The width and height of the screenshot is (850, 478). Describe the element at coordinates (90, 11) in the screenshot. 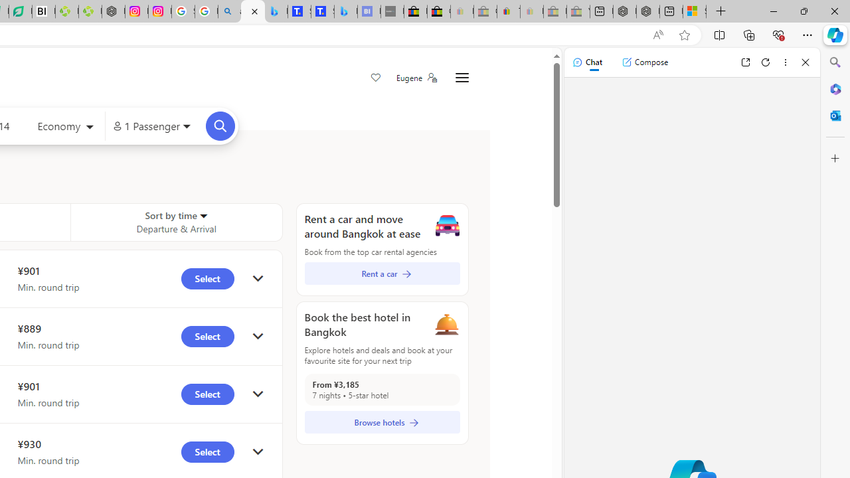

I see `'Descarga Driver Updater'` at that location.